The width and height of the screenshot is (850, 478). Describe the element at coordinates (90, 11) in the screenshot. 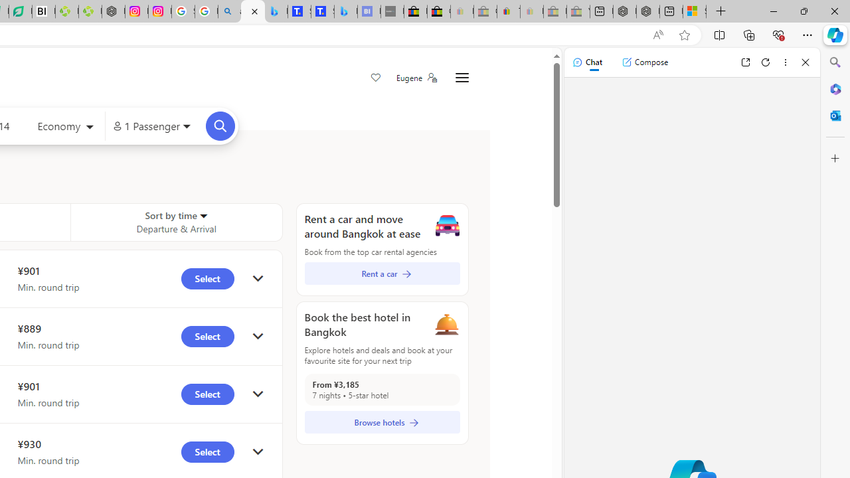

I see `'Descarga Driver Updater'` at that location.